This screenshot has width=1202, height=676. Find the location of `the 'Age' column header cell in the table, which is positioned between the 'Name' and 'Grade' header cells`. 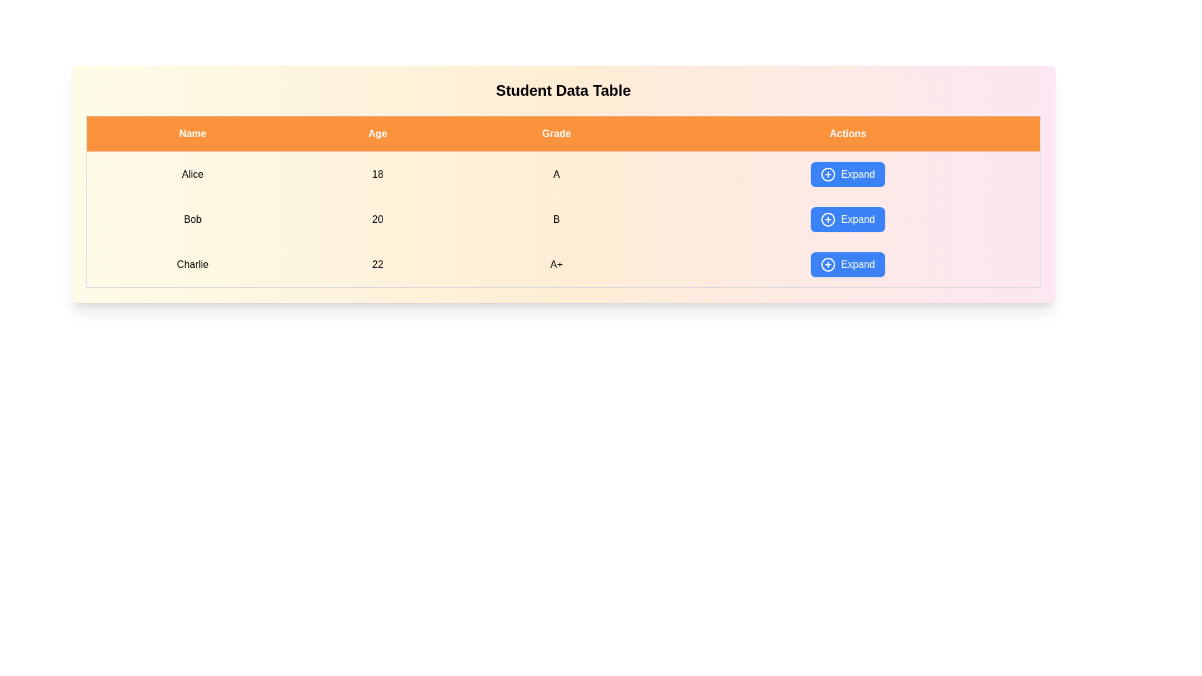

the 'Age' column header cell in the table, which is positioned between the 'Name' and 'Grade' header cells is located at coordinates (377, 133).